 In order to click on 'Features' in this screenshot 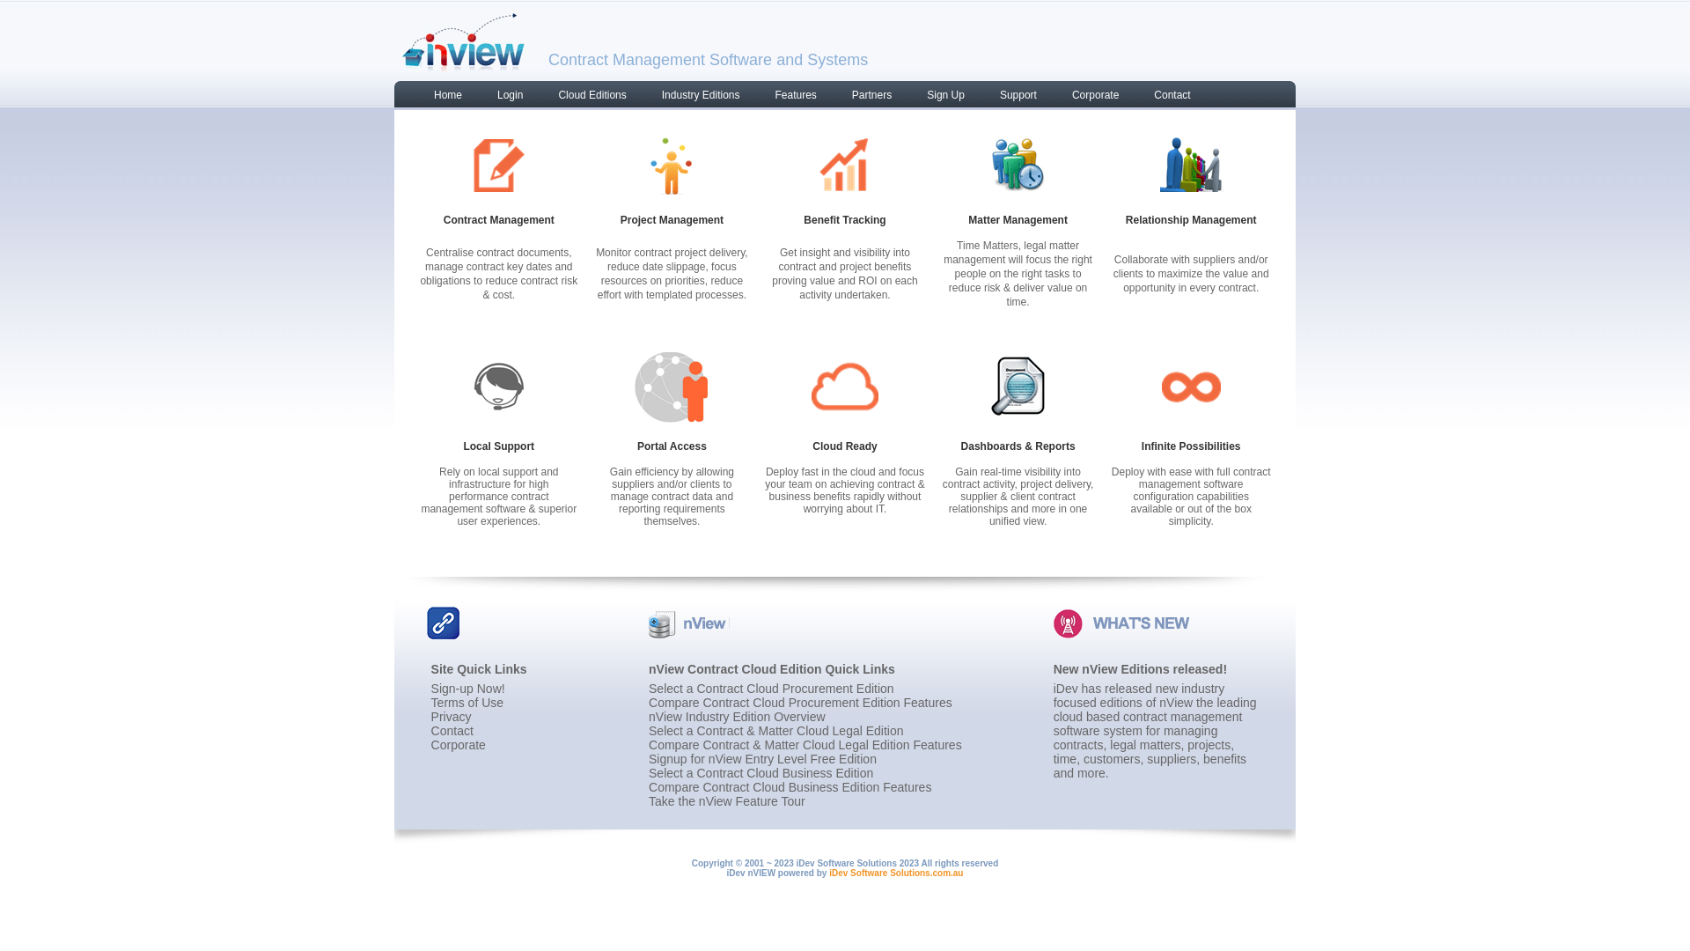, I will do `click(785, 98)`.